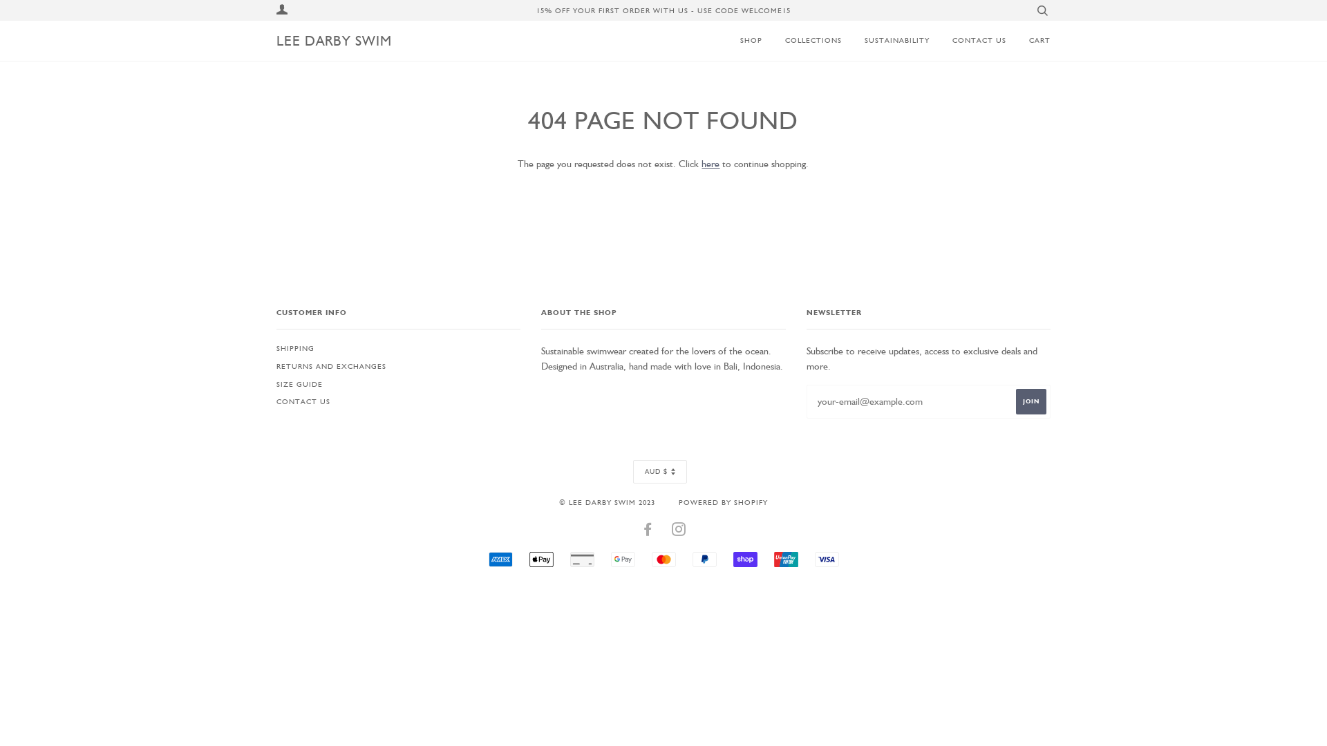 This screenshot has height=746, width=1327. Describe the element at coordinates (294, 347) in the screenshot. I see `'SHIPPING'` at that location.